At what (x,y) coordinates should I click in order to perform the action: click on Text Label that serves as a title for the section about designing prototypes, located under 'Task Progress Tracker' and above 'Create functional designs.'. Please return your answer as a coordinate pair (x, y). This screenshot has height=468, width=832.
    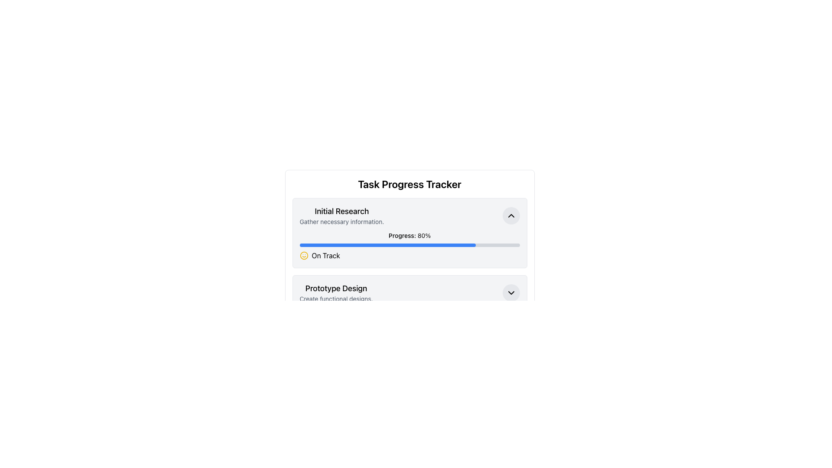
    Looking at the image, I should click on (336, 289).